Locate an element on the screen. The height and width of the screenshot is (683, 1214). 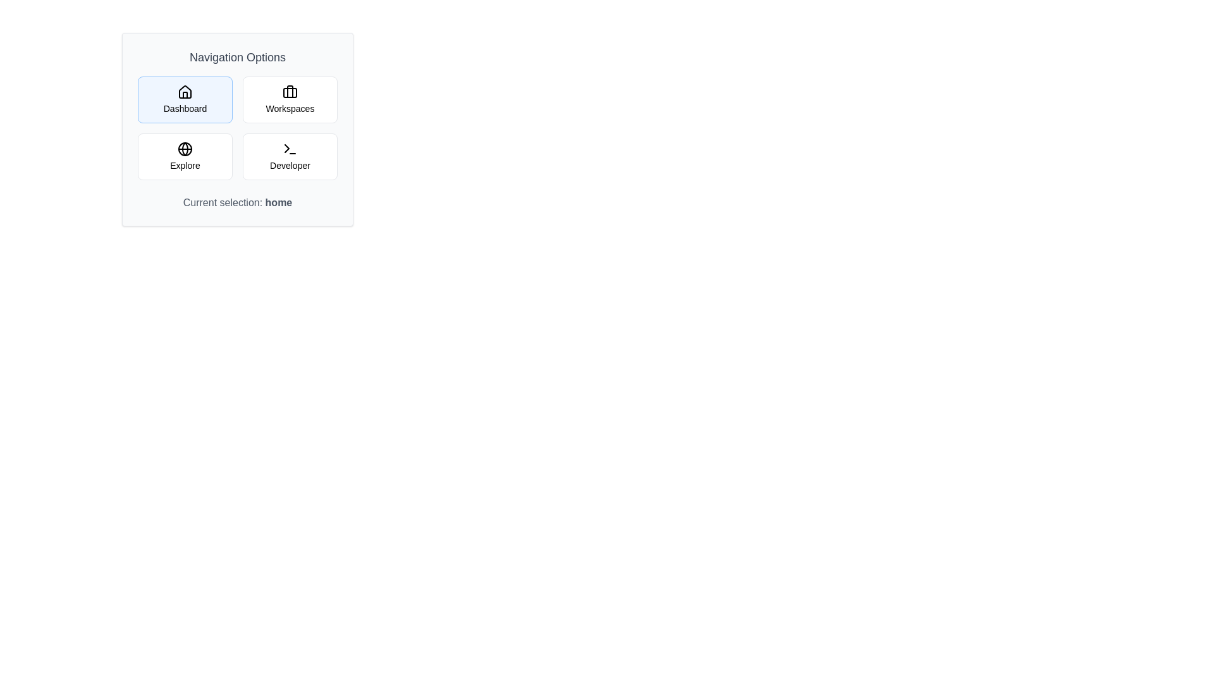
the Developer navigation option to select it is located at coordinates (290, 156).